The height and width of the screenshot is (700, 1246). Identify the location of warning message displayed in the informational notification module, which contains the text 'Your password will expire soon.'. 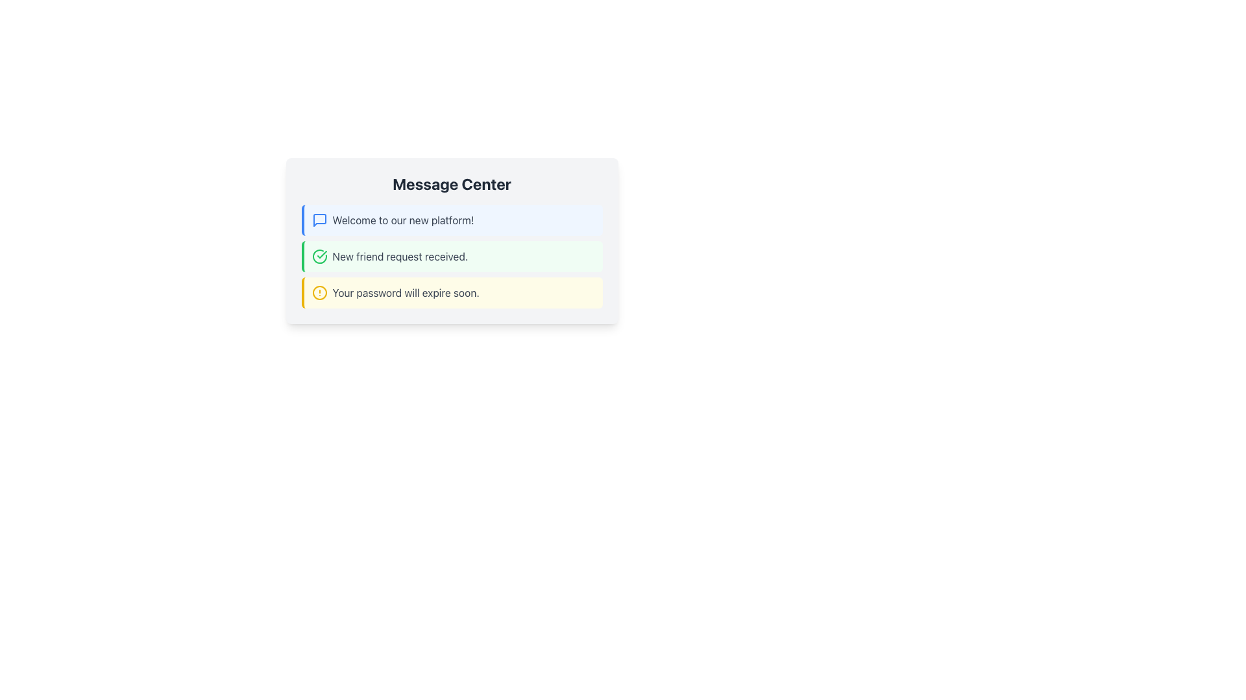
(452, 292).